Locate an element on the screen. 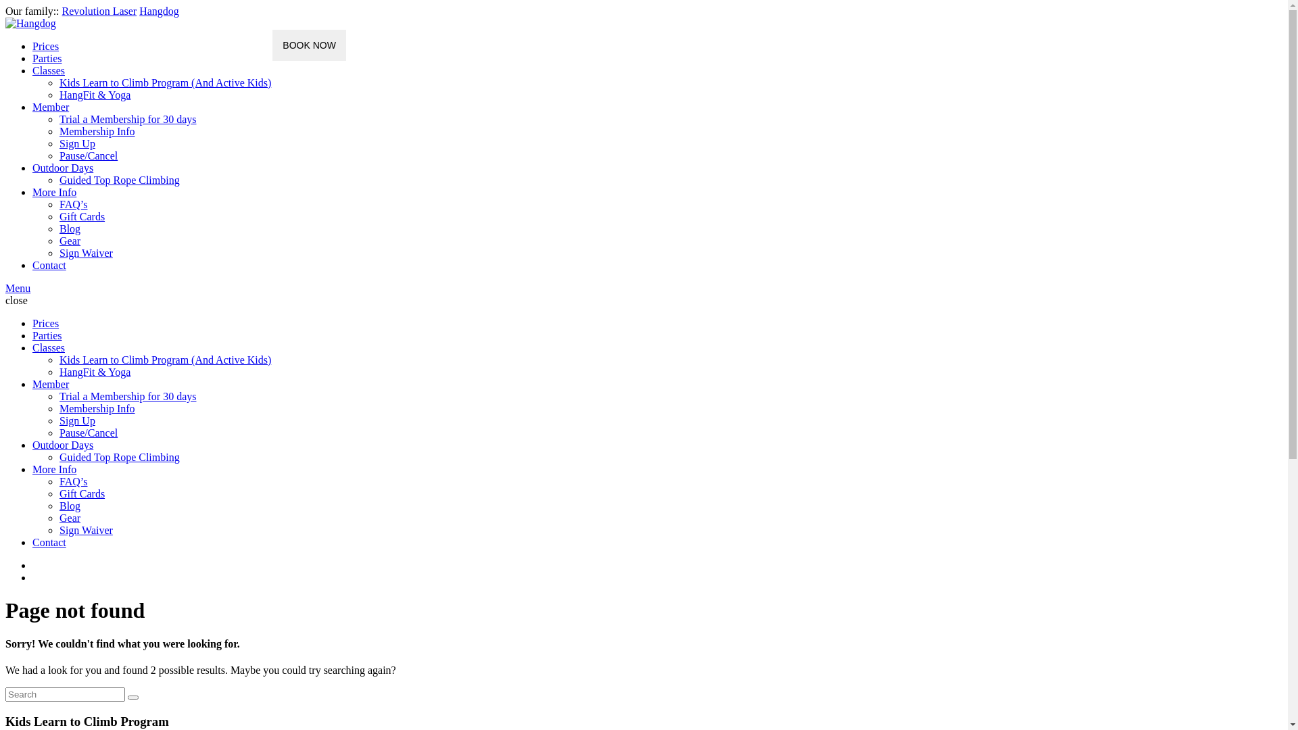 This screenshot has height=730, width=1298. 'More Info' is located at coordinates (54, 468).